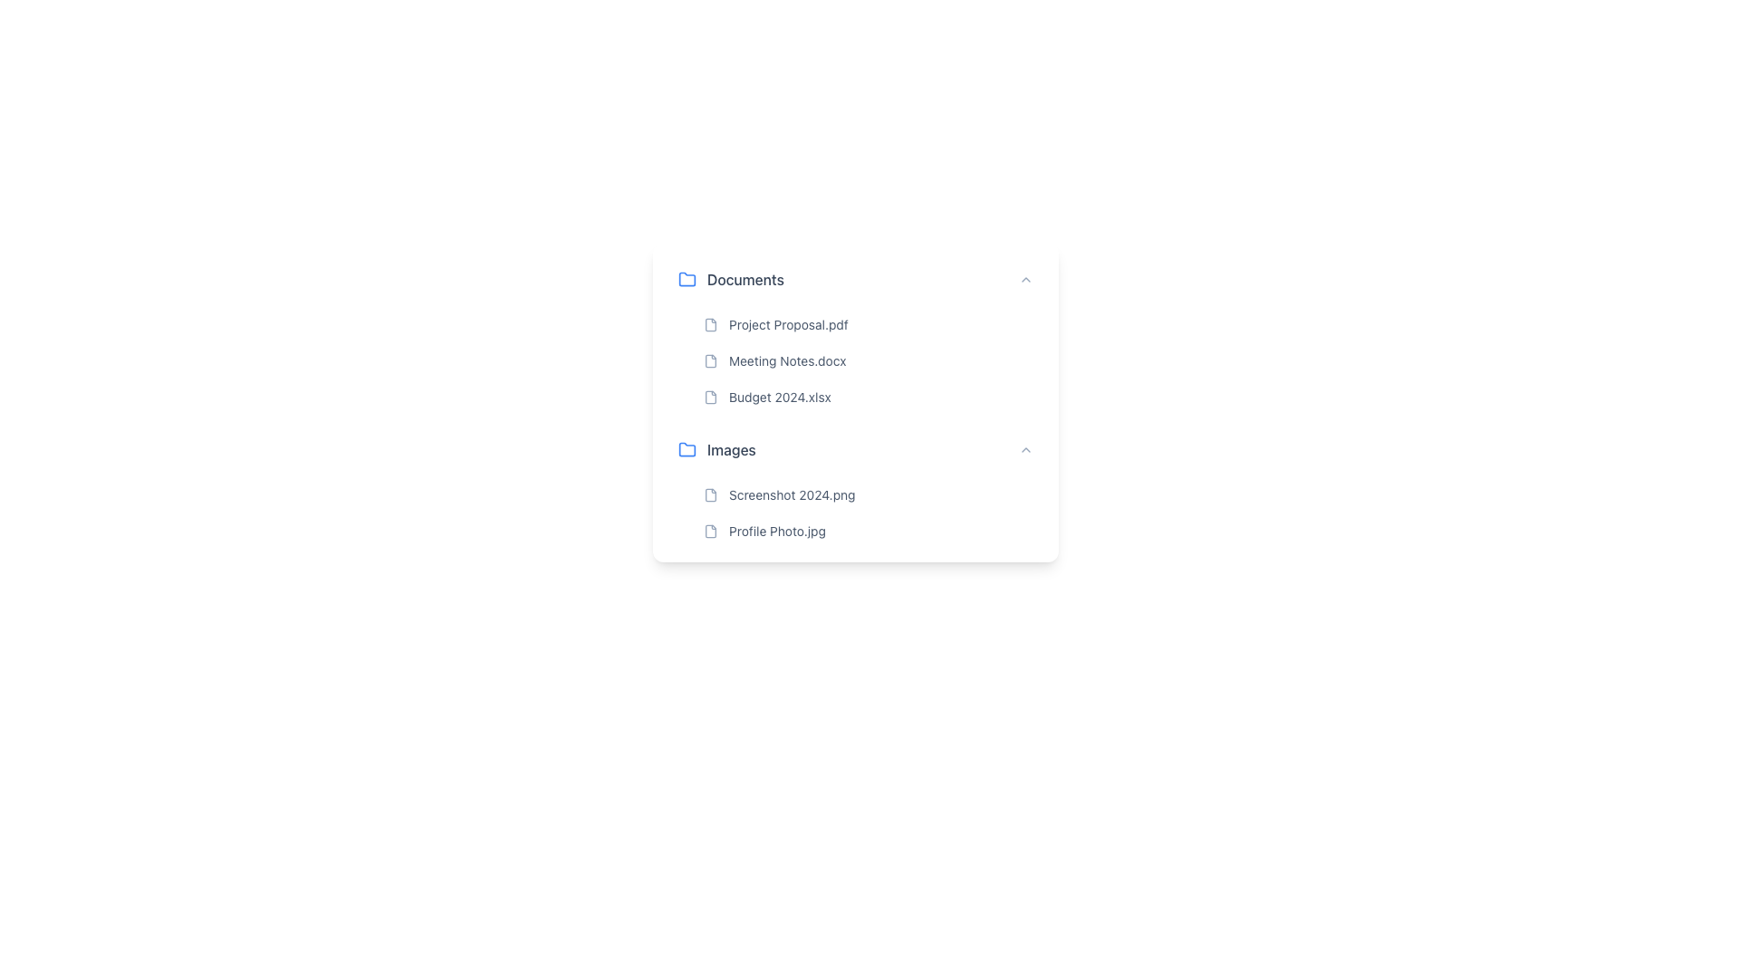 The height and width of the screenshot is (978, 1739). I want to click on the document icon representing 'Profile Photo.jpg', so click(710, 530).